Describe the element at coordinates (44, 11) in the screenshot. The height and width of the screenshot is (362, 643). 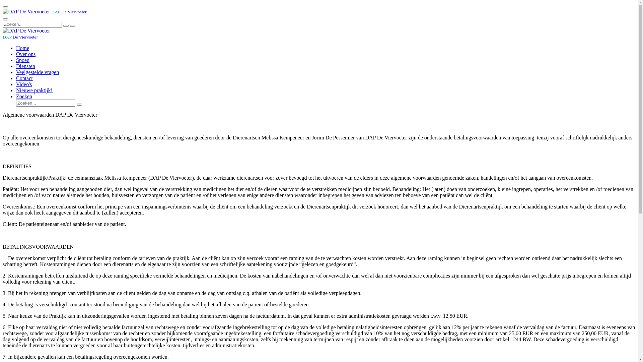
I see `'DAP De Viervoeter'` at that location.